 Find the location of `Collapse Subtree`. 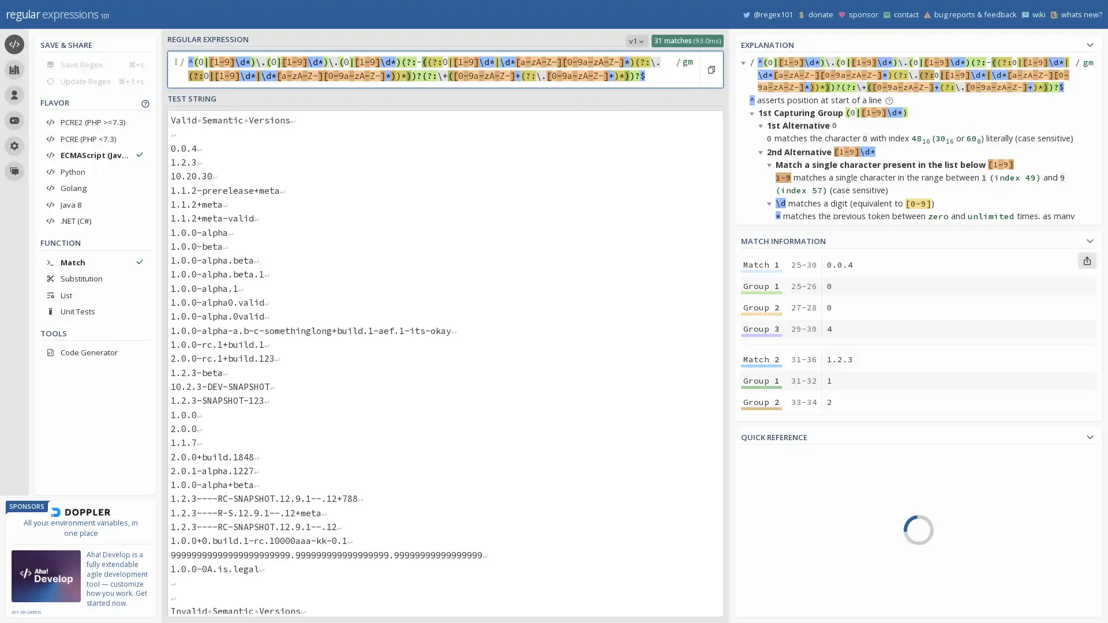

Collapse Subtree is located at coordinates (754, 529).